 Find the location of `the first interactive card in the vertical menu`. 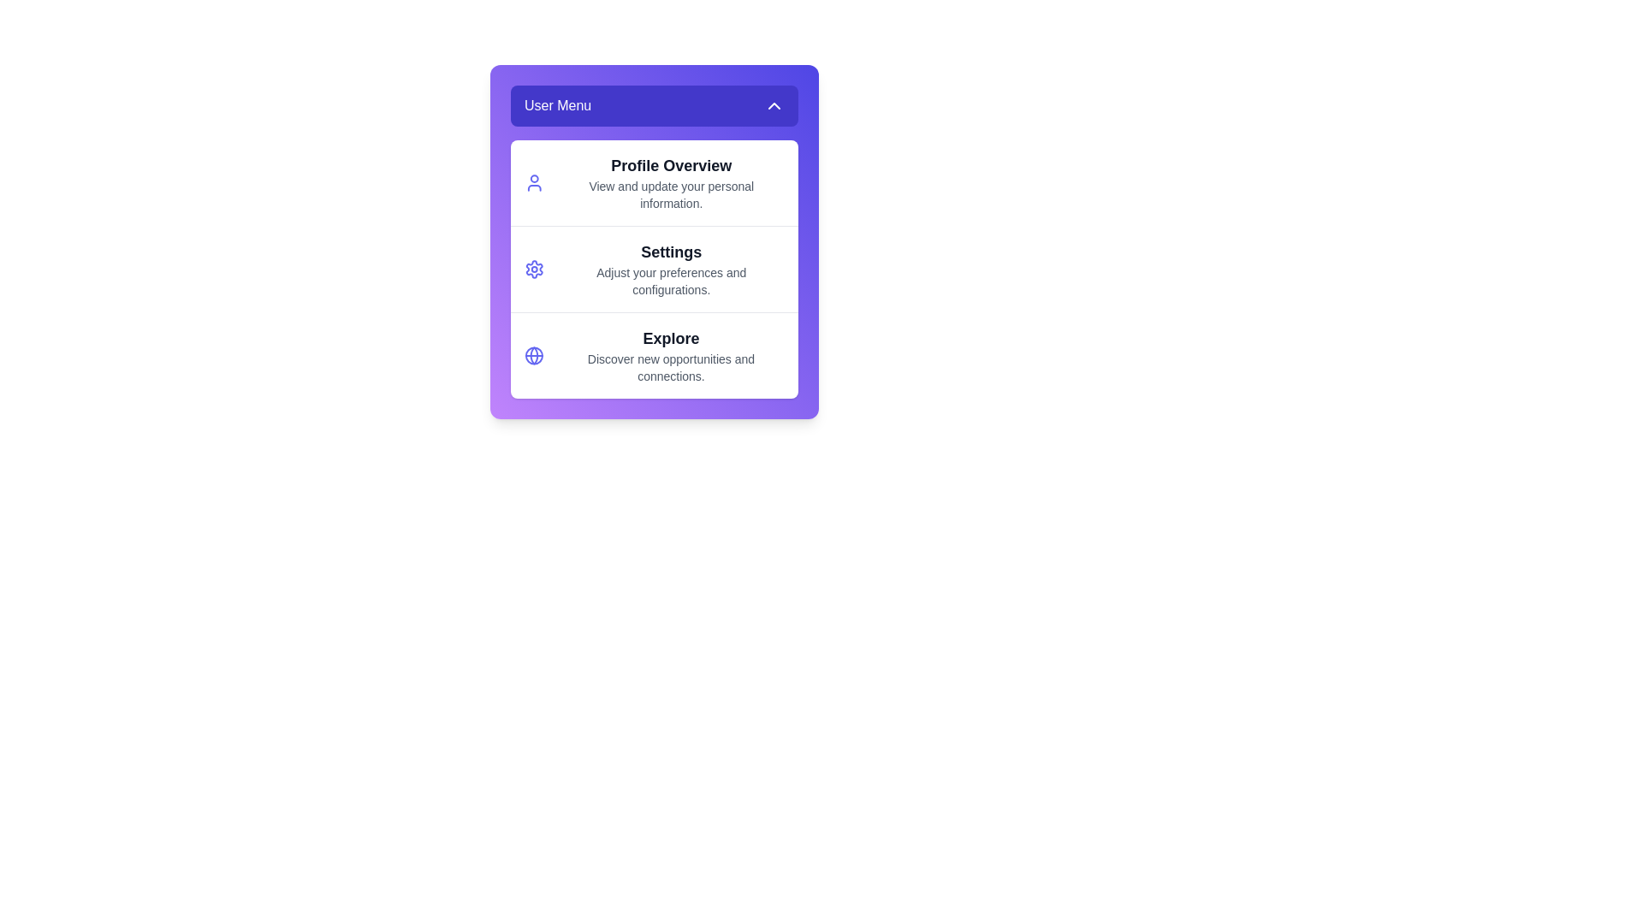

the first interactive card in the vertical menu is located at coordinates (653, 182).